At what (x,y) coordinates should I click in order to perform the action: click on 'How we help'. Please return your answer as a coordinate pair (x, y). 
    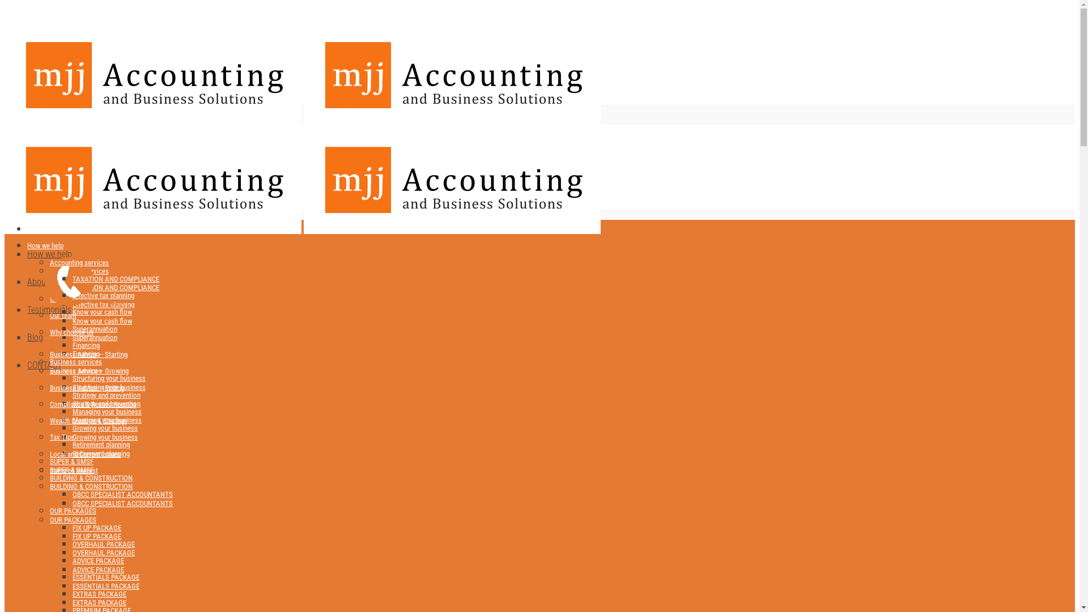
    Looking at the image, I should click on (49, 253).